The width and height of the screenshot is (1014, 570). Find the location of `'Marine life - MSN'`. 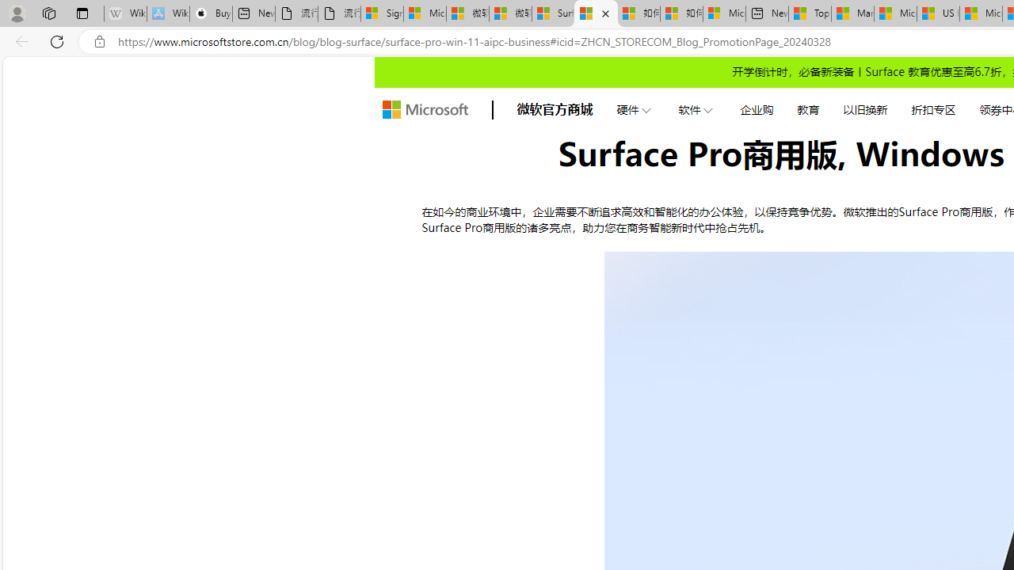

'Marine life - MSN' is located at coordinates (852, 13).